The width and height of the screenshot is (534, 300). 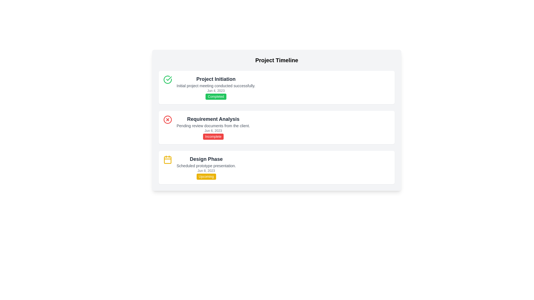 I want to click on the 'Incomplete' badge located at the bottom-right of the second card in the vertical list of project phases, beneath the text 'Jun 6, 2023' in the 'Requirement Analysis' section, so click(x=213, y=137).